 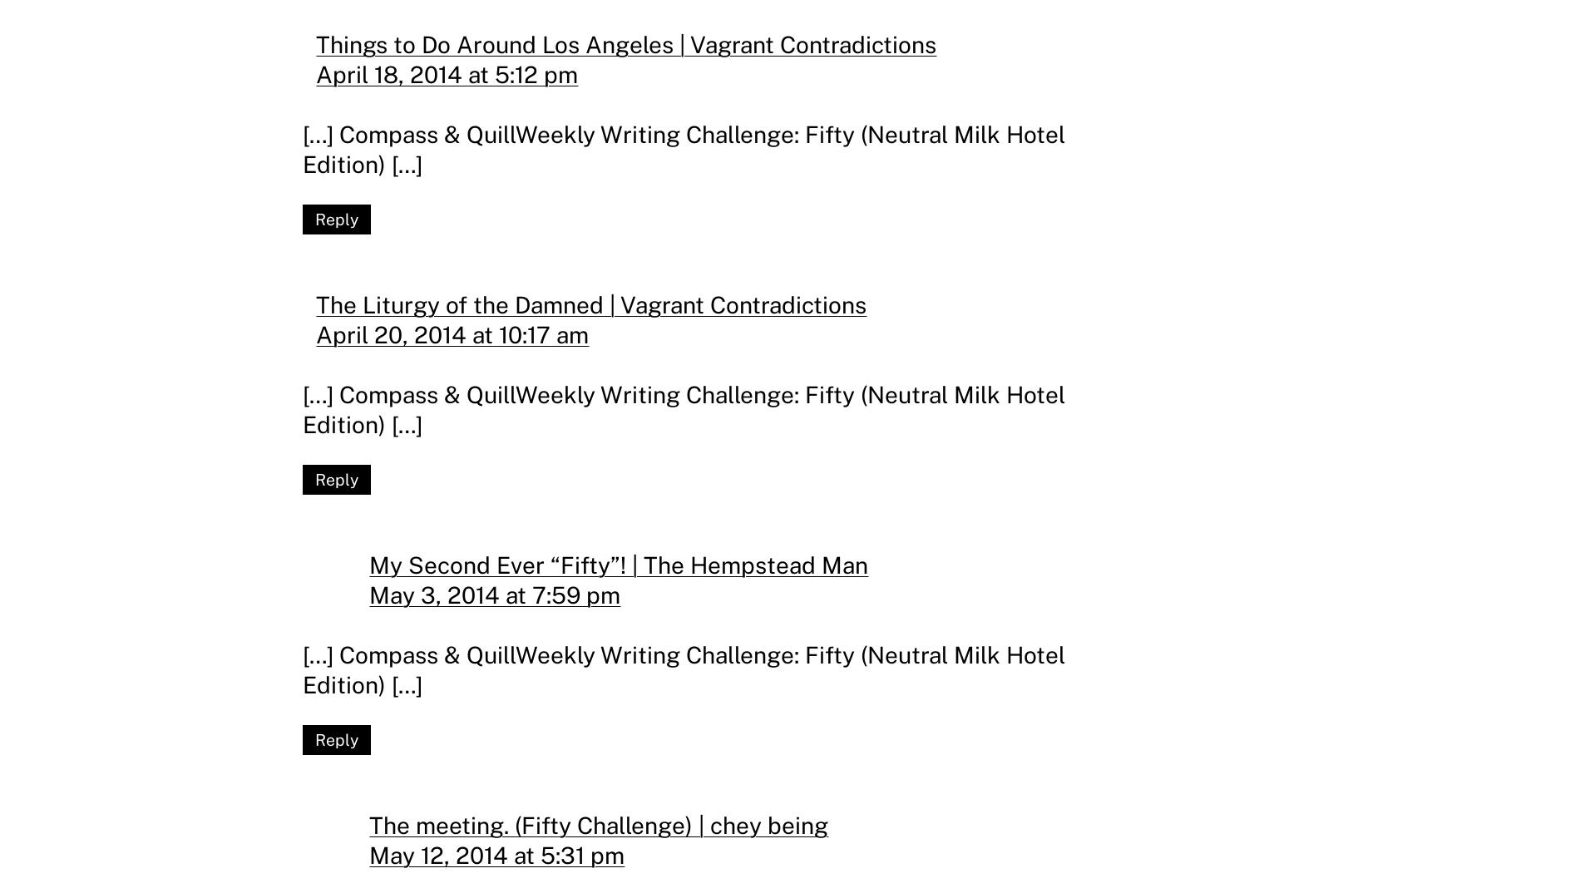 What do you see at coordinates (625, 43) in the screenshot?
I see `'Things to Do Around Los Angeles | Vagrant Contradictions'` at bounding box center [625, 43].